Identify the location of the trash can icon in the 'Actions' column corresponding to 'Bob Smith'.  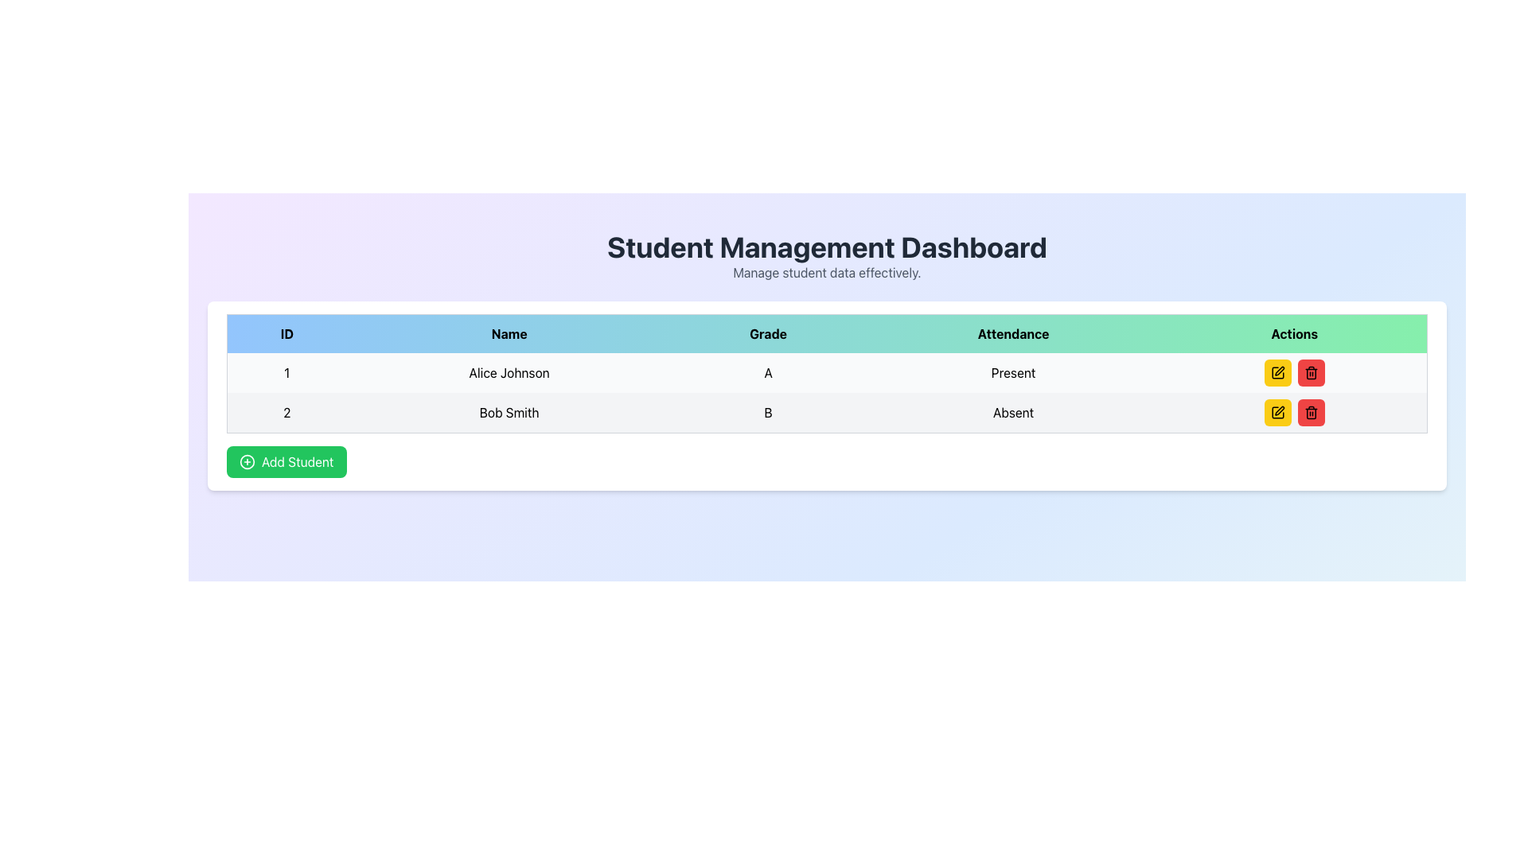
(1311, 374).